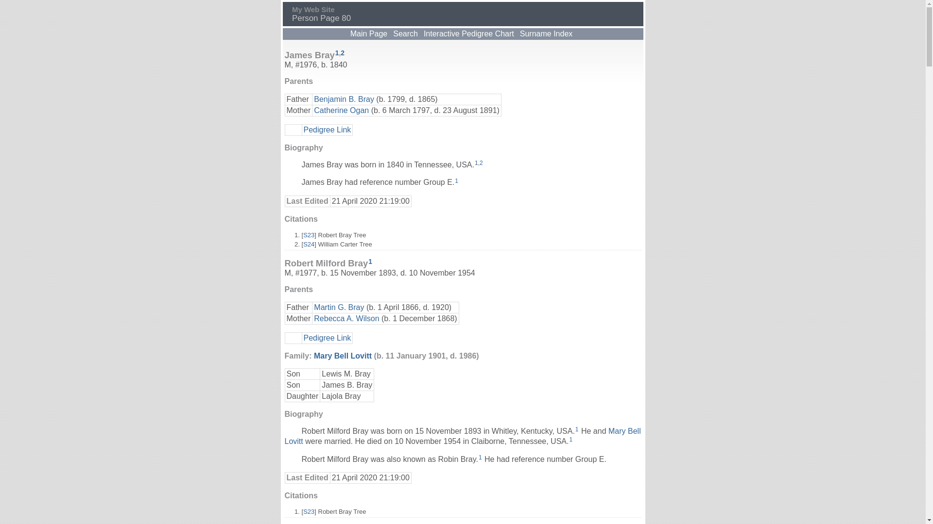 The image size is (933, 524). Describe the element at coordinates (476, 162) in the screenshot. I see `'1'` at that location.